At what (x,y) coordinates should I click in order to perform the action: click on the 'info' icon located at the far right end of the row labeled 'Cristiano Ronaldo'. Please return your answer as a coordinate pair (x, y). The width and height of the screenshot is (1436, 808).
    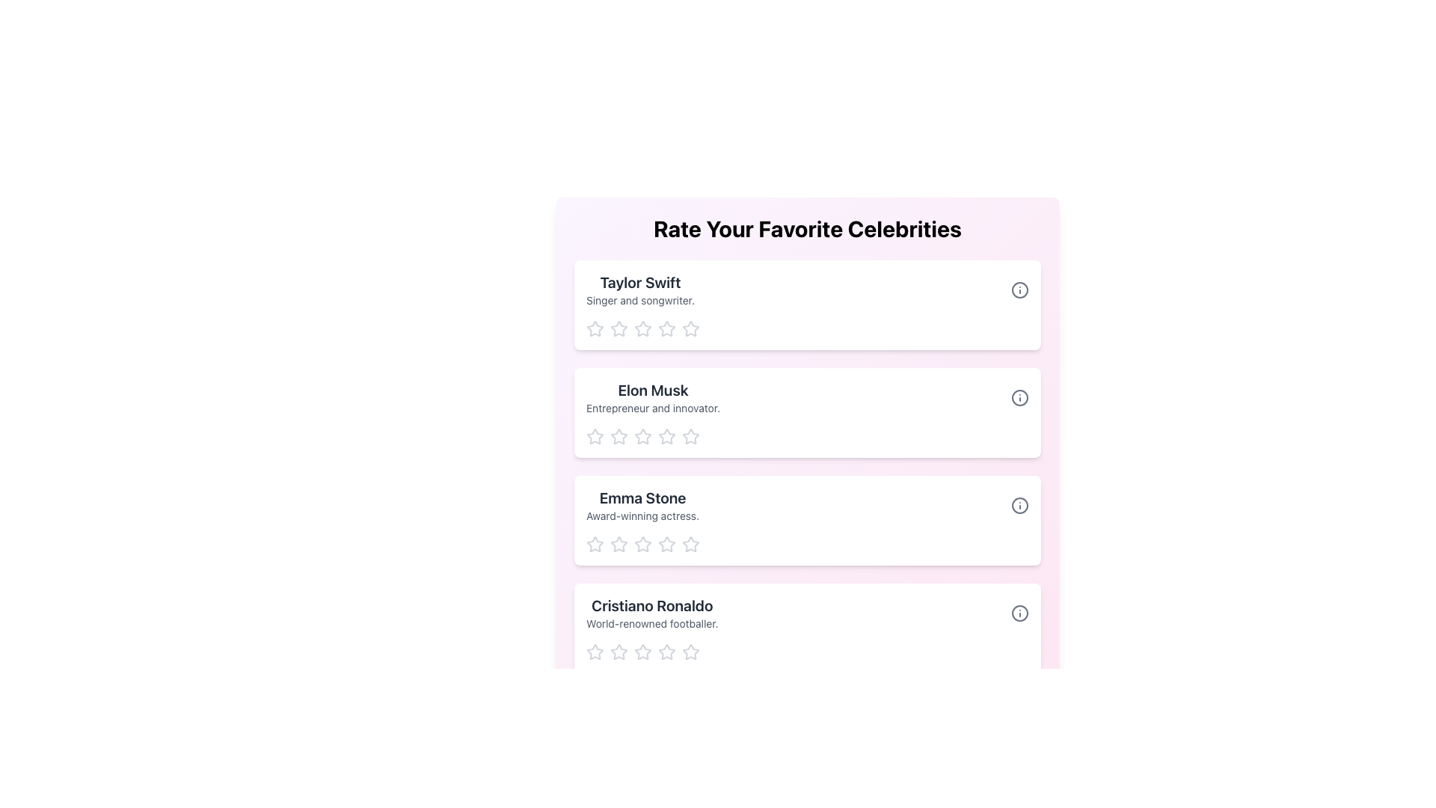
    Looking at the image, I should click on (1019, 613).